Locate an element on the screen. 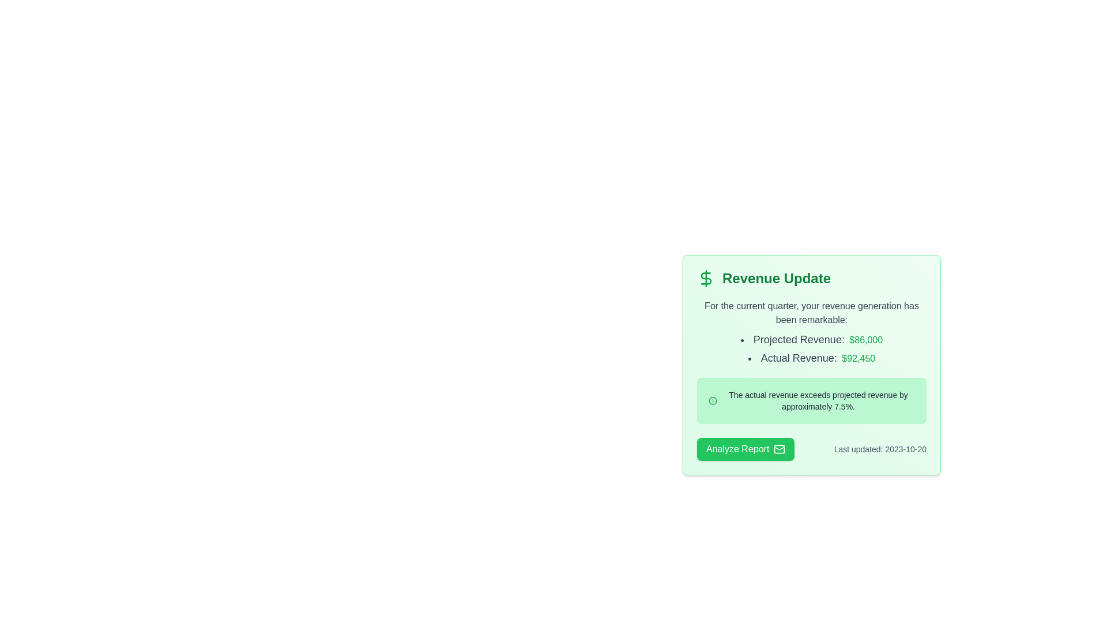 This screenshot has height=623, width=1107. the centrally aligned text within the green button at the bottom of the revenue update card, which indicates the button’s purpose for analyzing a report is located at coordinates (737, 449).